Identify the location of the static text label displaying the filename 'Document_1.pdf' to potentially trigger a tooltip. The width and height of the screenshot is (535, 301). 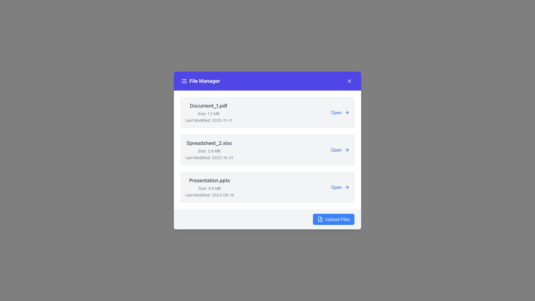
(208, 106).